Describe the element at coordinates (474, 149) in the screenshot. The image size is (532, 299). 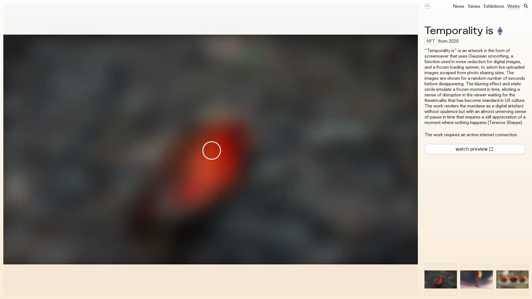
I see `watch preview` at that location.